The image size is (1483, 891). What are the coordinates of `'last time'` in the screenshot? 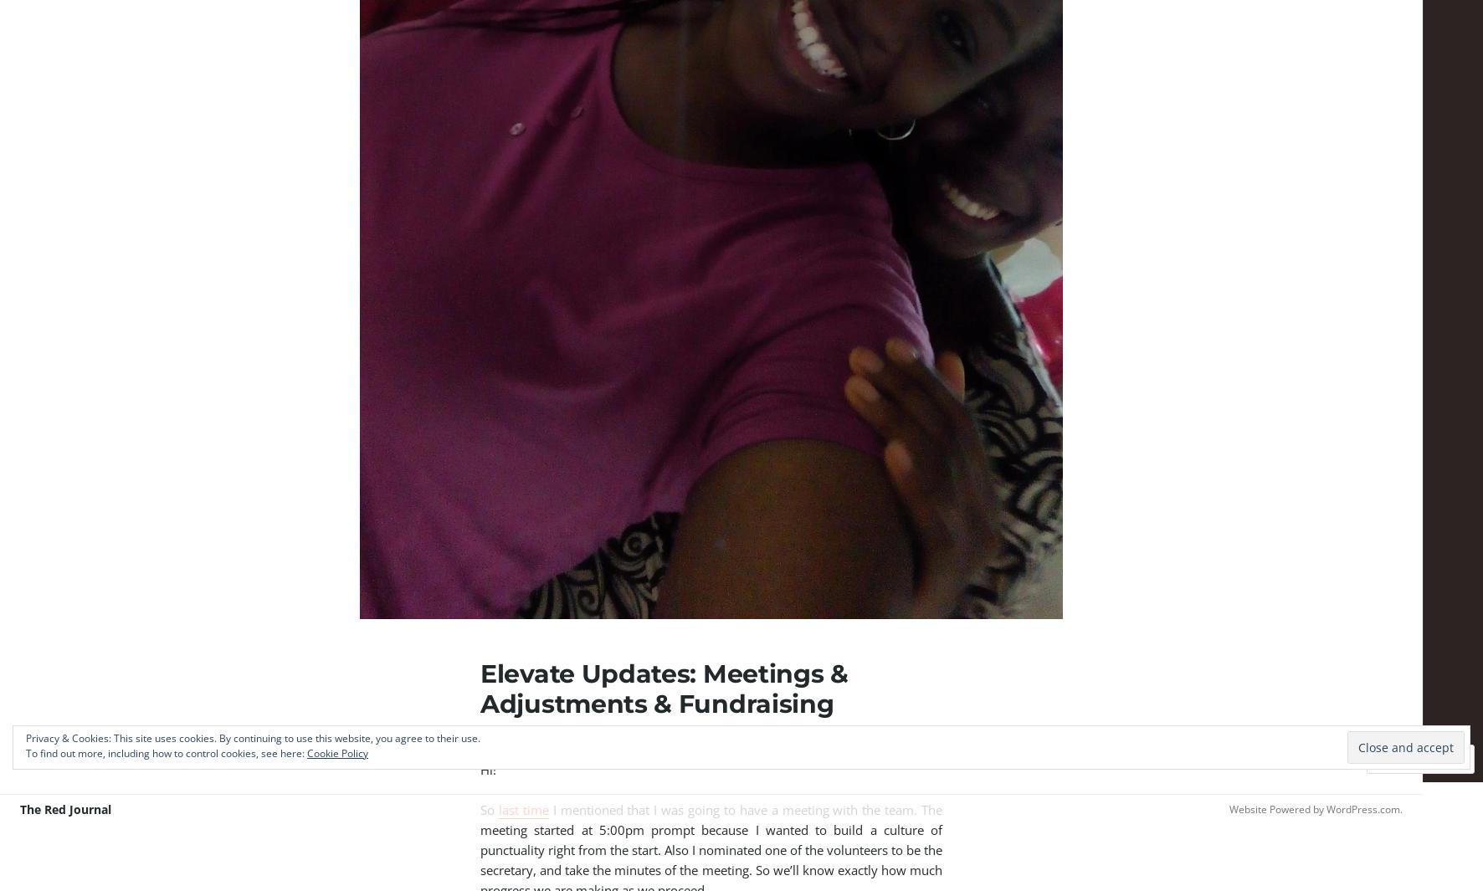 It's located at (522, 809).